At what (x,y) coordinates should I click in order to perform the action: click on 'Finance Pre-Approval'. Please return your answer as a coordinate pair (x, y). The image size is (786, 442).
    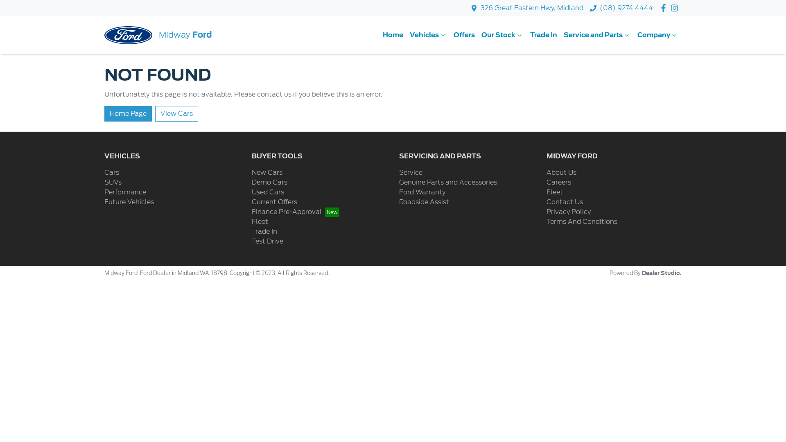
    Looking at the image, I should click on (295, 211).